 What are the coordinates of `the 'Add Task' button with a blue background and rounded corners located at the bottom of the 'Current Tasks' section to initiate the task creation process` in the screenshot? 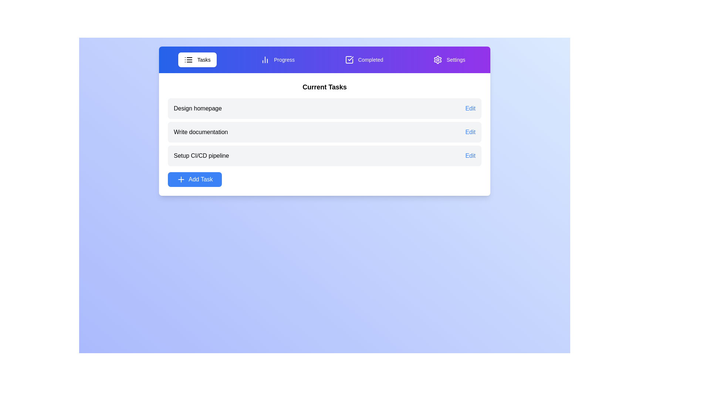 It's located at (195, 180).